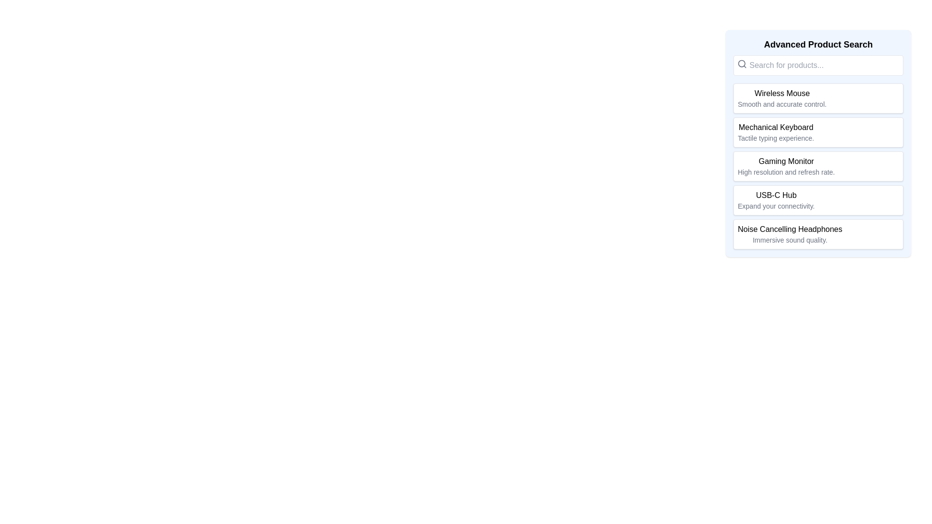 The height and width of the screenshot is (524, 932). What do you see at coordinates (776, 205) in the screenshot?
I see `the text label that says 'Expand your connectivity.' located under the title 'USB-C Hub' in the sidebar labeled 'Advanced Product Search'` at bounding box center [776, 205].